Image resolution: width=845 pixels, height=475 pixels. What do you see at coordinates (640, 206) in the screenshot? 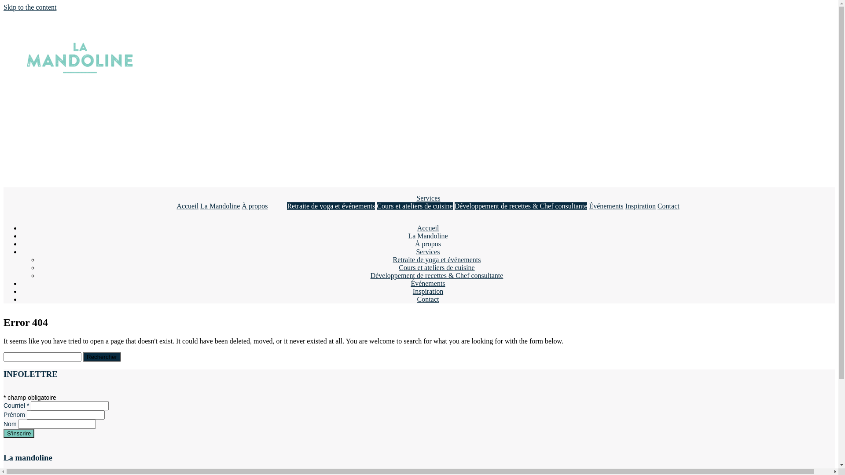
I see `'Inspiration'` at bounding box center [640, 206].